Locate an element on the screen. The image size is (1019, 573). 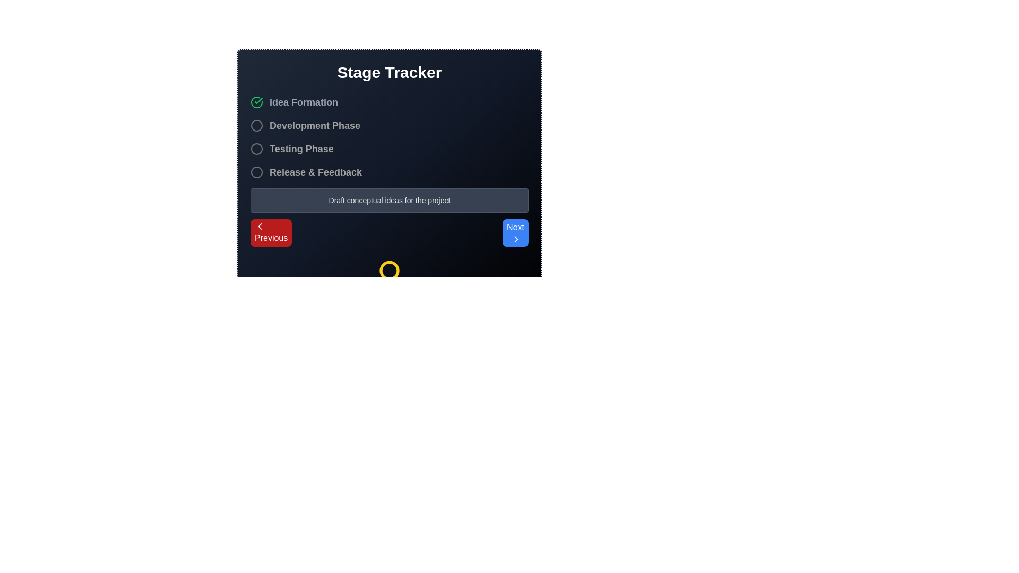
the 'Development Phase' indicator icon, which is the second element in the vertical sequence of status indicators in the stage tracker is located at coordinates (257, 125).